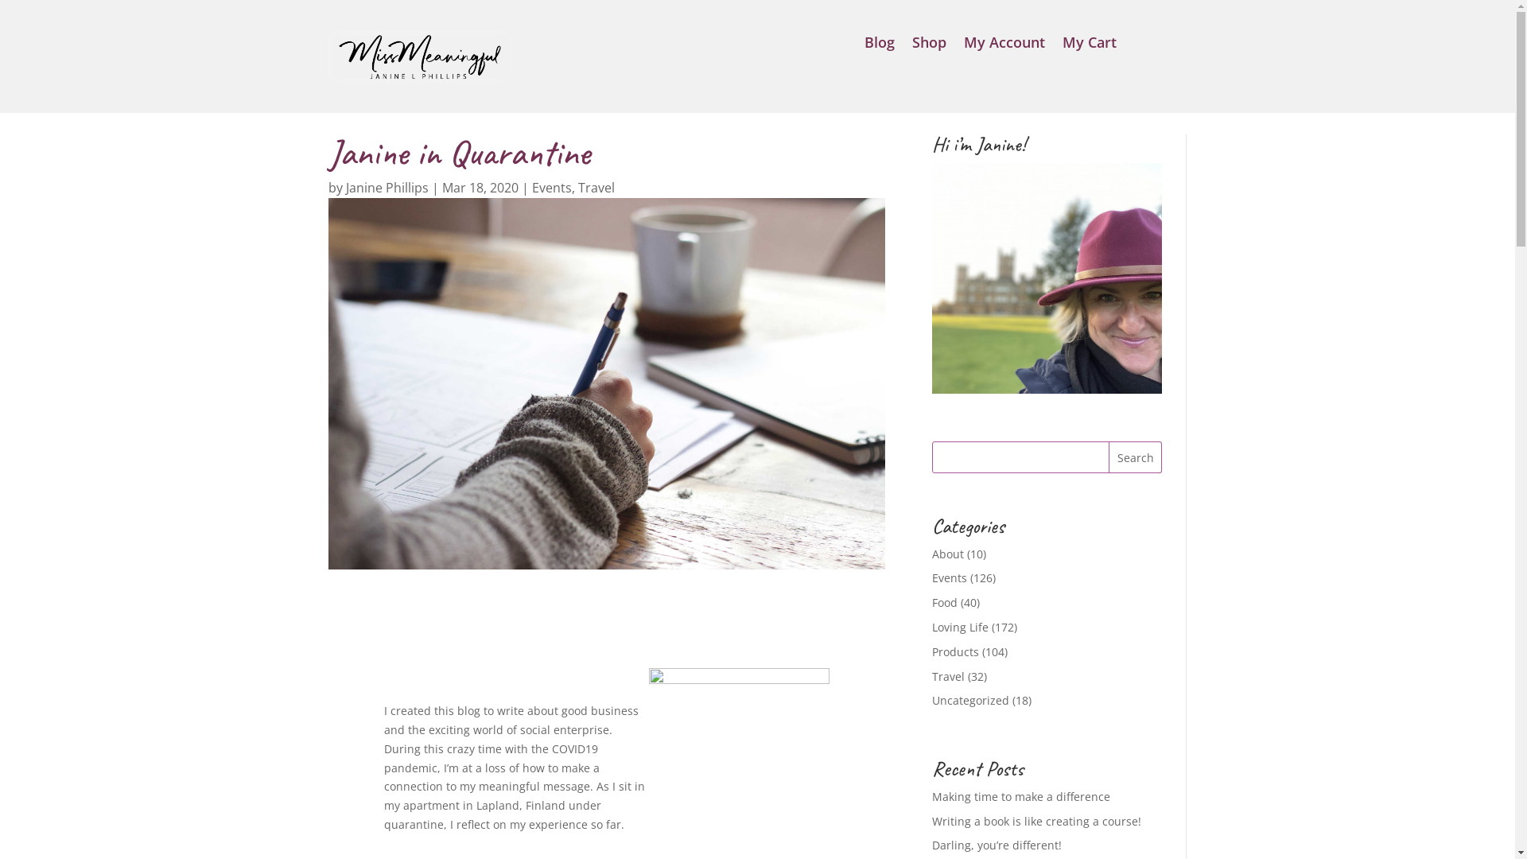  Describe the element at coordinates (878, 45) in the screenshot. I see `'Blog'` at that location.